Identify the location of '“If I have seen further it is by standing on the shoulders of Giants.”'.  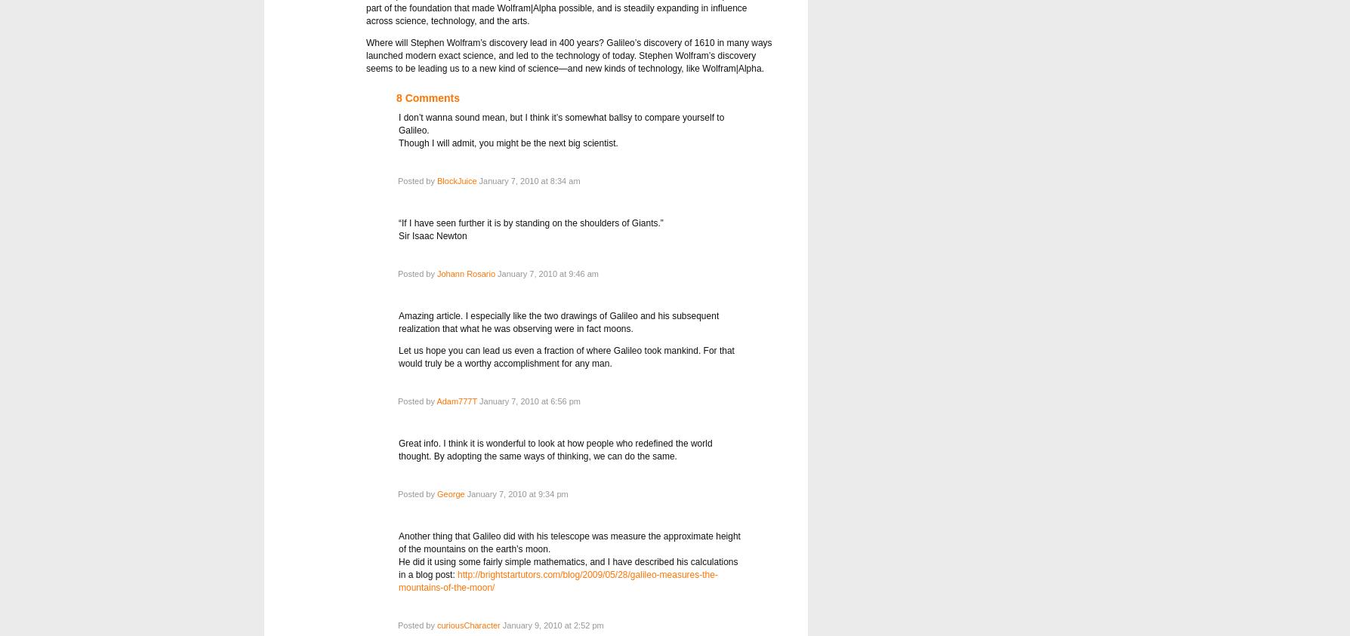
(530, 222).